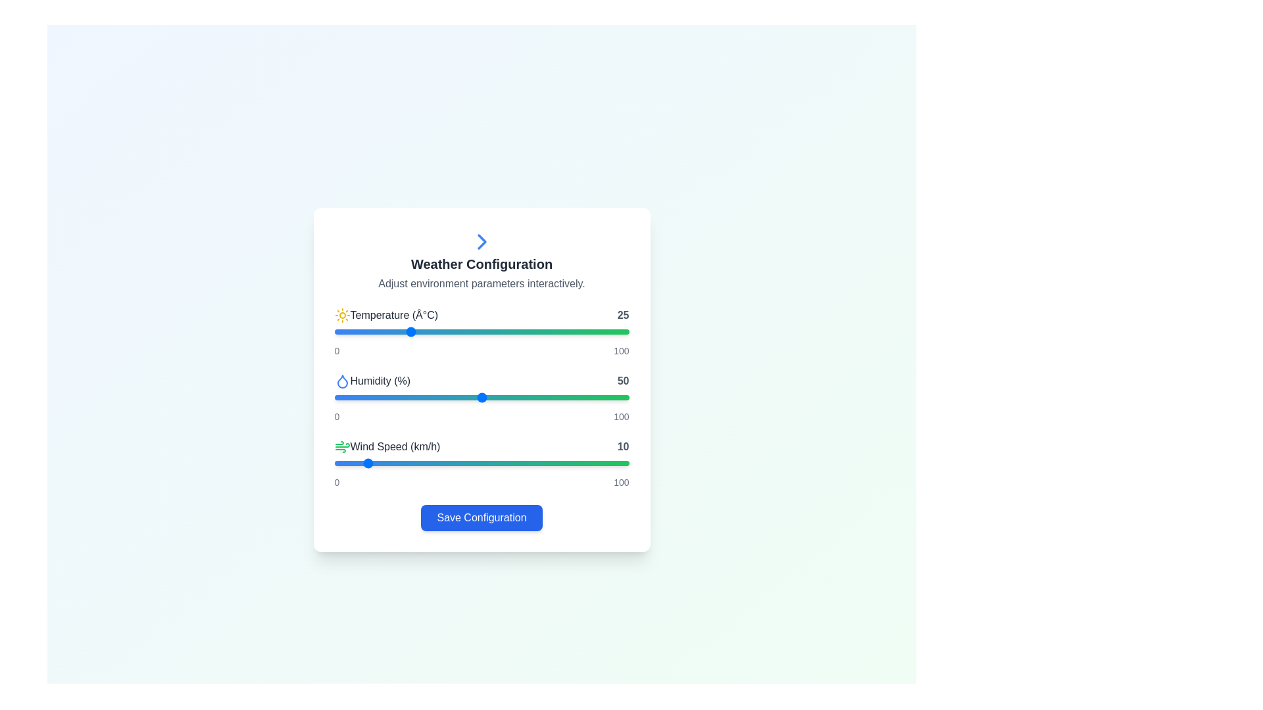 The height and width of the screenshot is (710, 1263). I want to click on the label for configuring wind speed in kilometers per hour, located at the bottom of the 'Weather Configuration' interface, just above the numerical input with the value '10.', so click(387, 446).